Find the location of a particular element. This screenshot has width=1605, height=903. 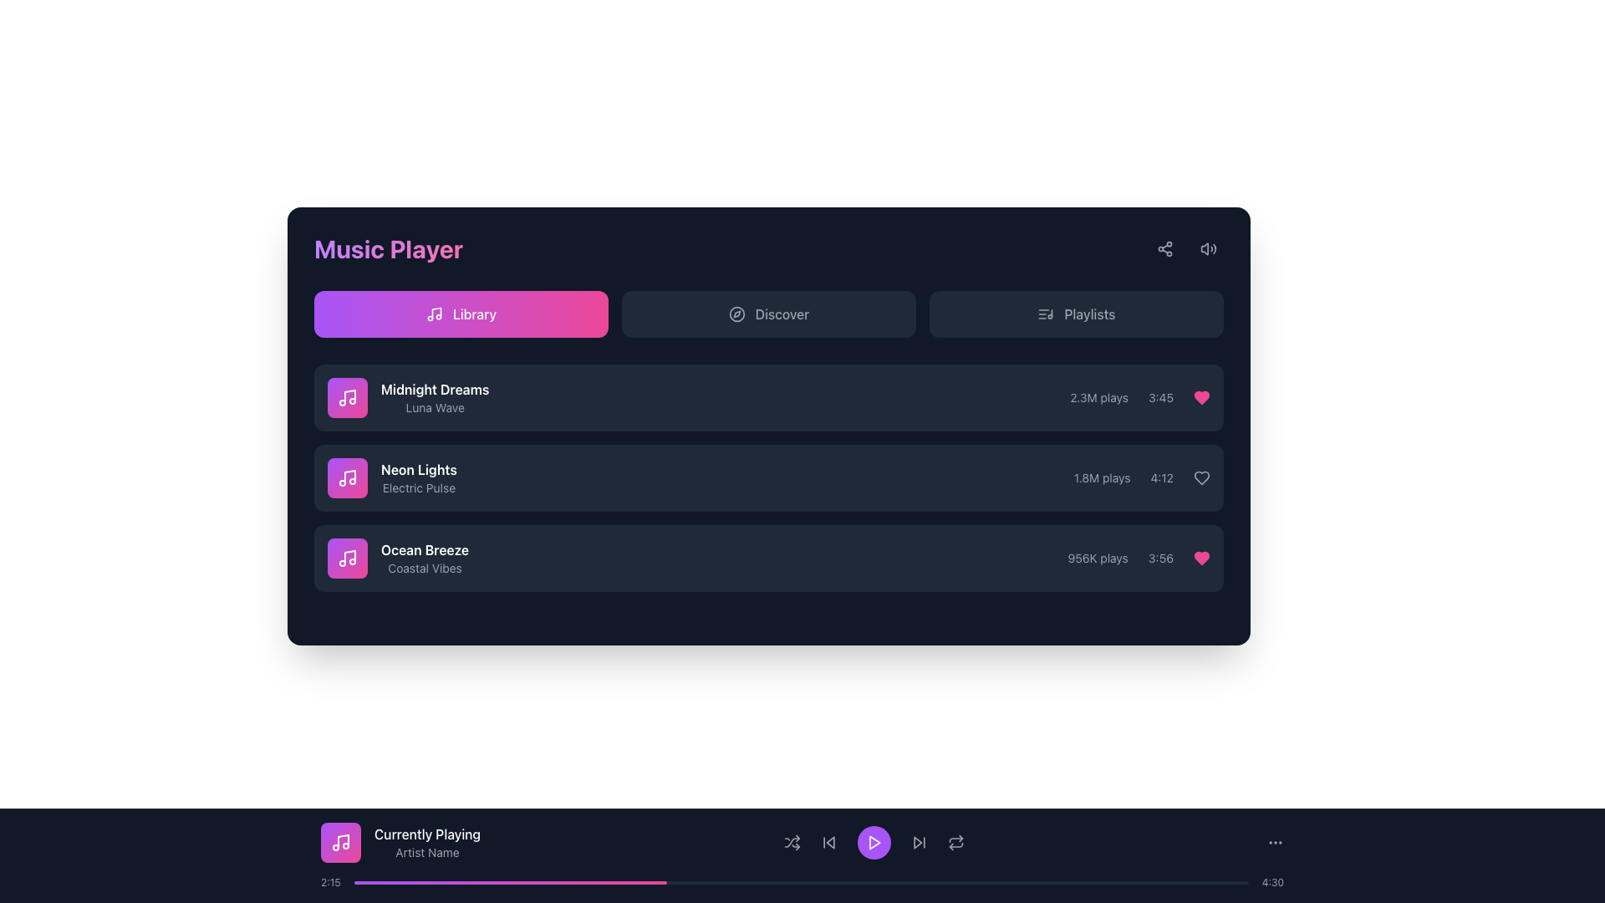

the progression indicator of the horizontal progress bar located at the bottom of the interface, which is filled with purple and pink hues is located at coordinates (802, 882).